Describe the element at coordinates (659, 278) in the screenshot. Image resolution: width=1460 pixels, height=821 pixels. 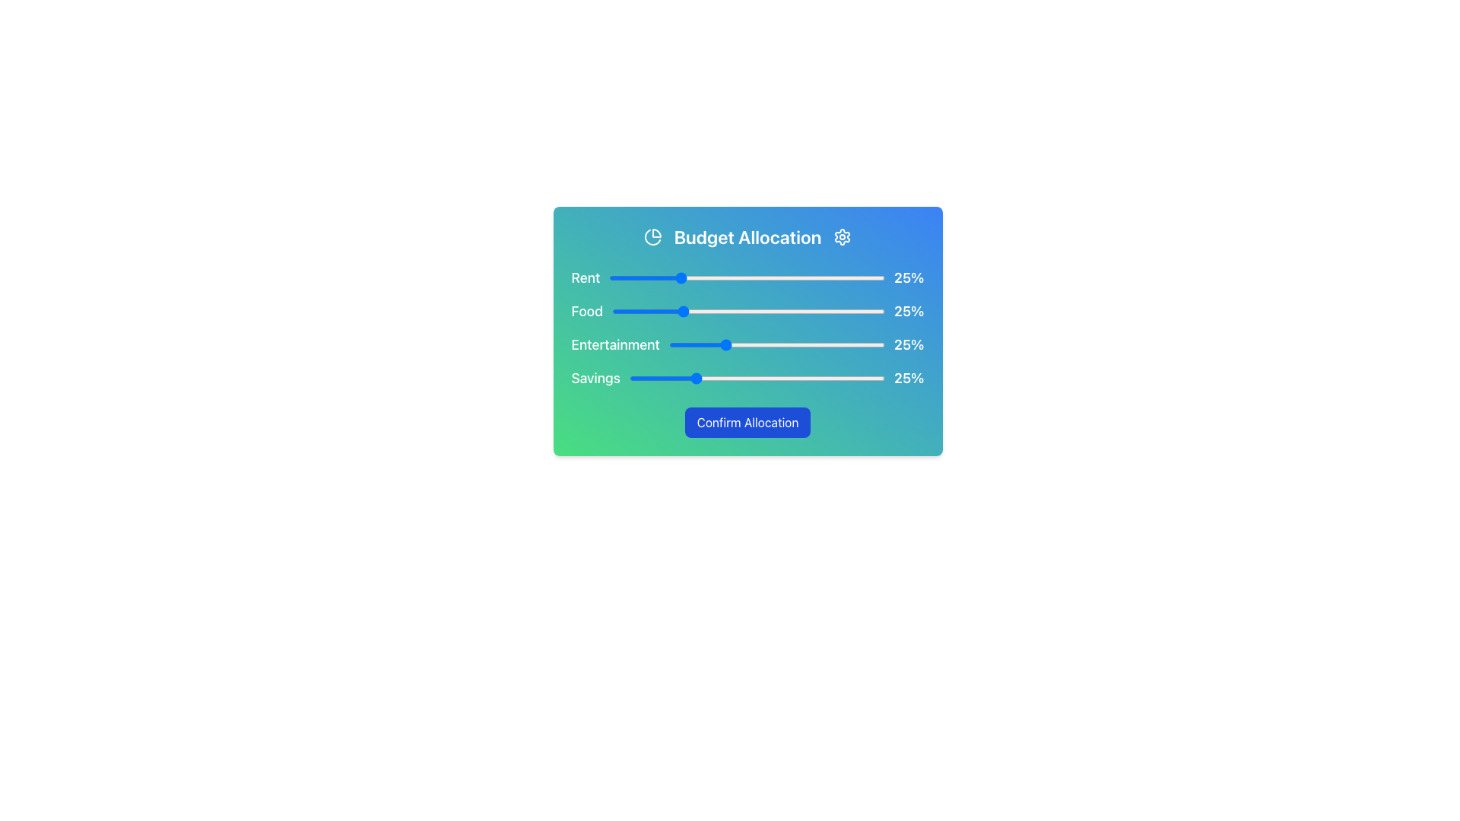
I see `the slider value` at that location.